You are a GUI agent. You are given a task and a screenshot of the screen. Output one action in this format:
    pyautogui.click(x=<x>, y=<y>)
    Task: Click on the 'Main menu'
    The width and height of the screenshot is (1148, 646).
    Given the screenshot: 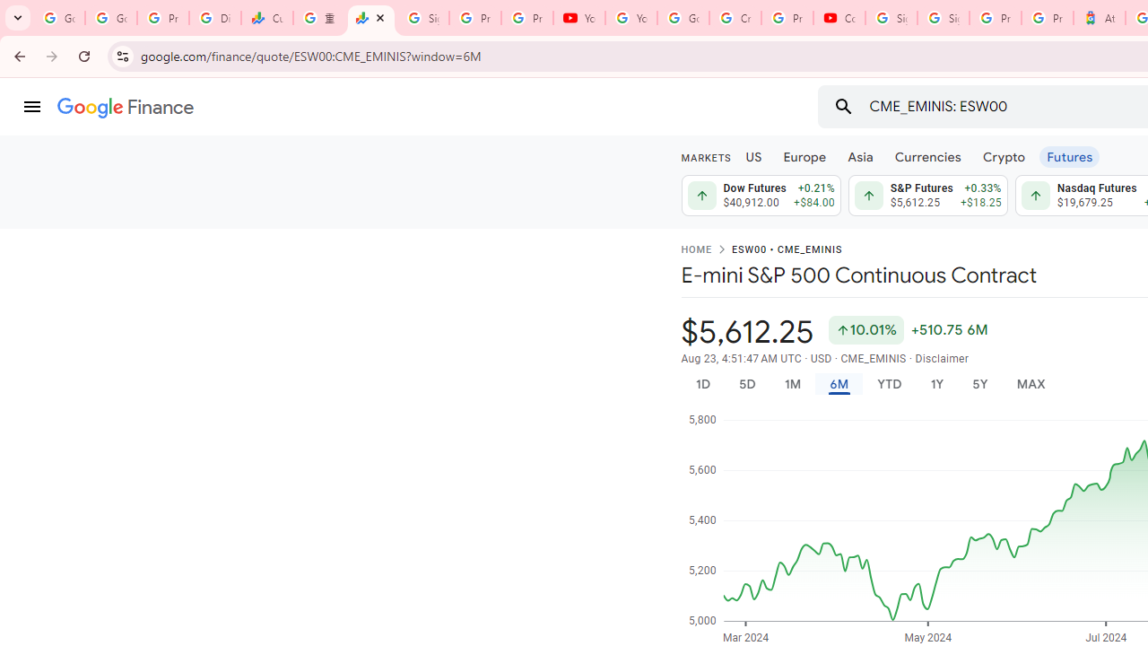 What is the action you would take?
    pyautogui.click(x=31, y=107)
    